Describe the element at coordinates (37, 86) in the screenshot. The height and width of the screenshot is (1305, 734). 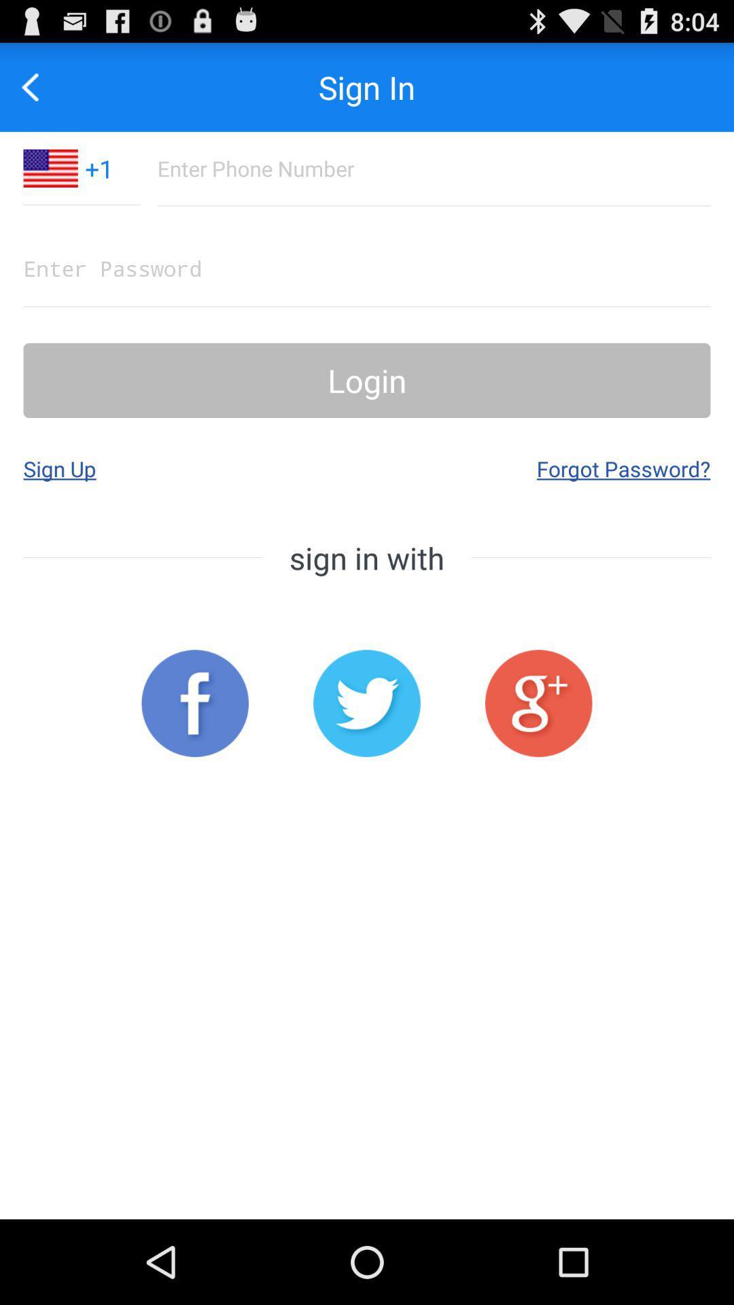
I see `go back` at that location.